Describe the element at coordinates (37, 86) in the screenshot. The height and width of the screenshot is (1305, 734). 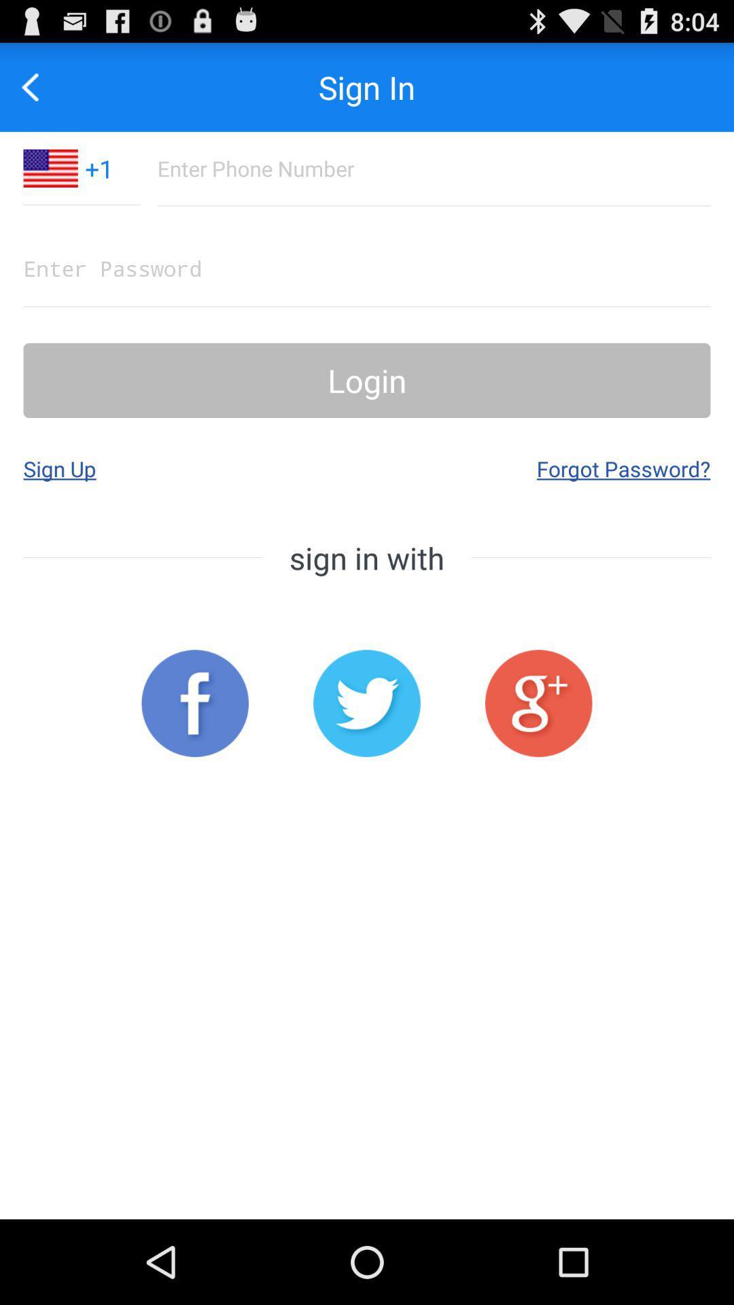
I see `go back` at that location.